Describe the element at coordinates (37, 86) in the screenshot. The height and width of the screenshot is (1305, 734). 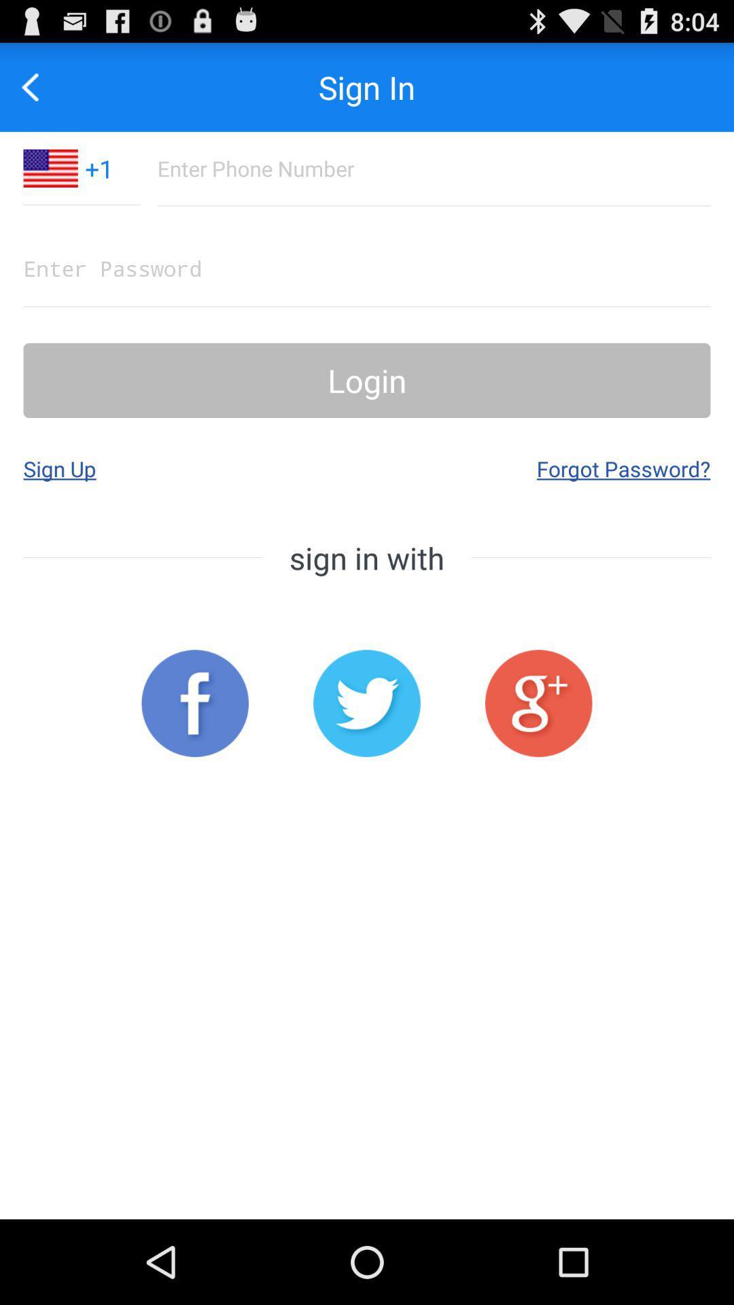
I see `go back` at that location.